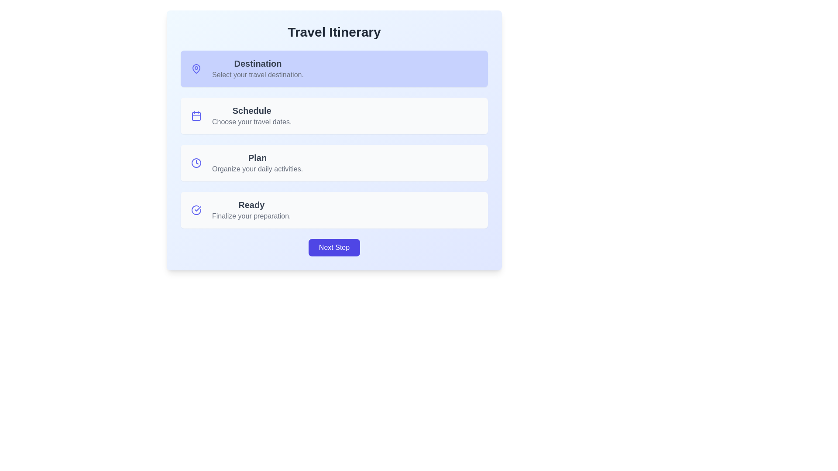  Describe the element at coordinates (257, 169) in the screenshot. I see `descriptive text label located below the 'Plan' section, which provides supplementary detail about its purpose` at that location.